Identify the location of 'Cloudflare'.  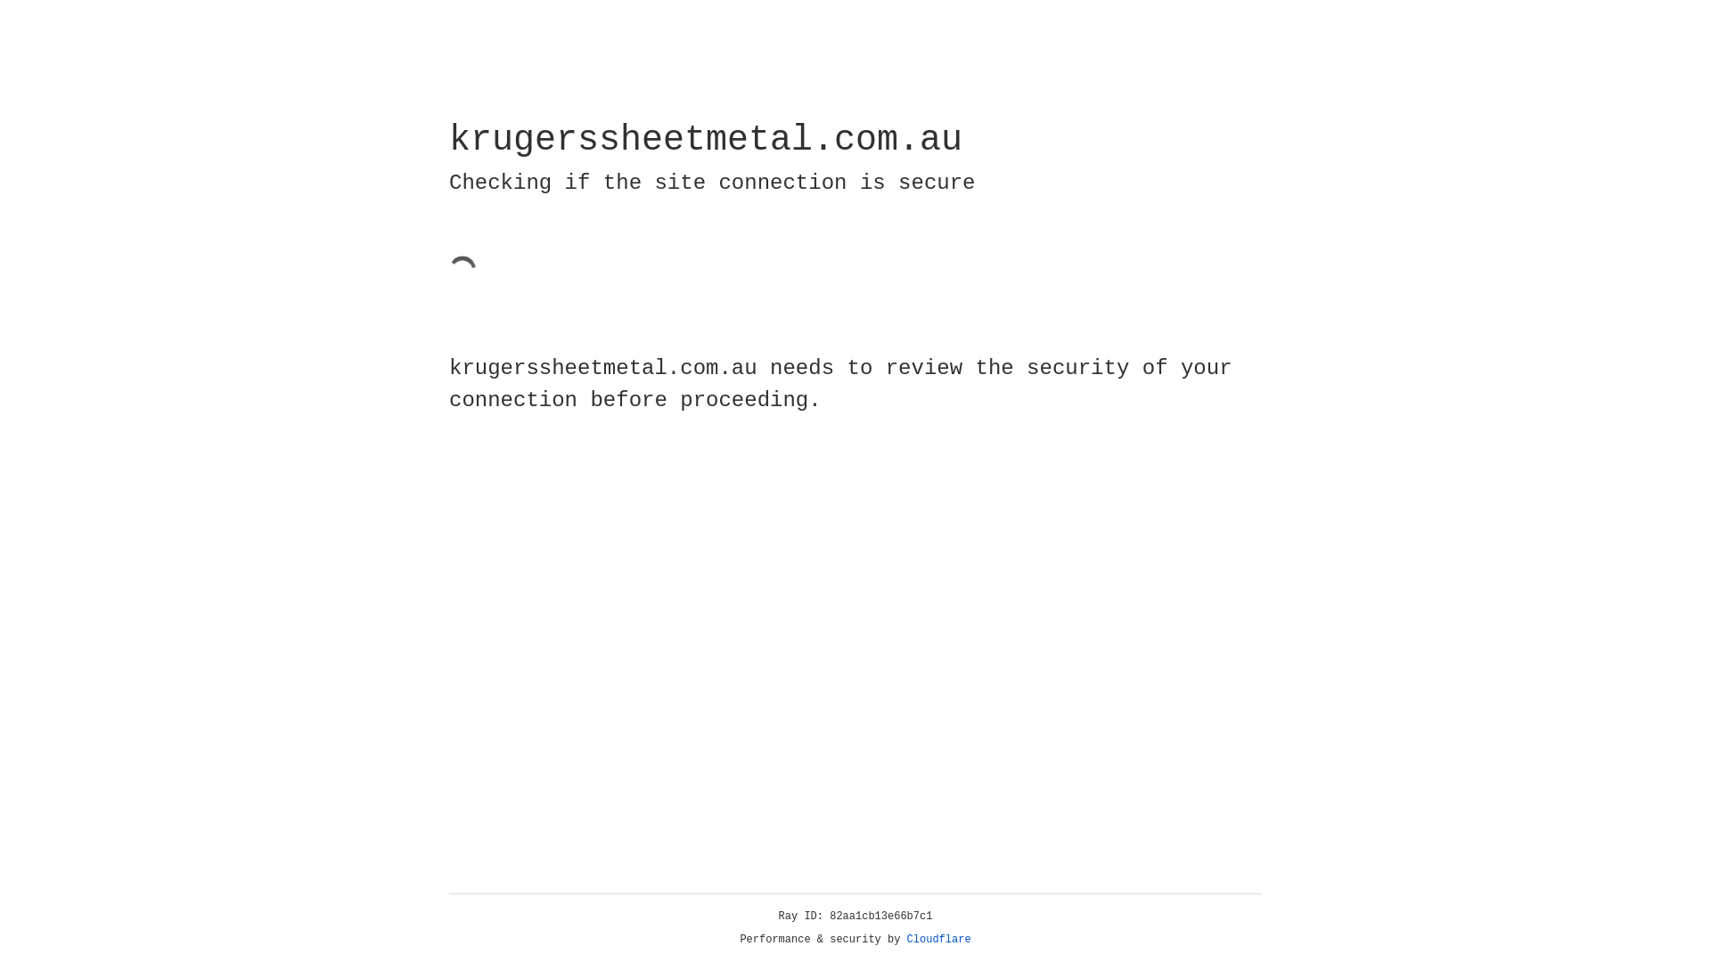
(938, 939).